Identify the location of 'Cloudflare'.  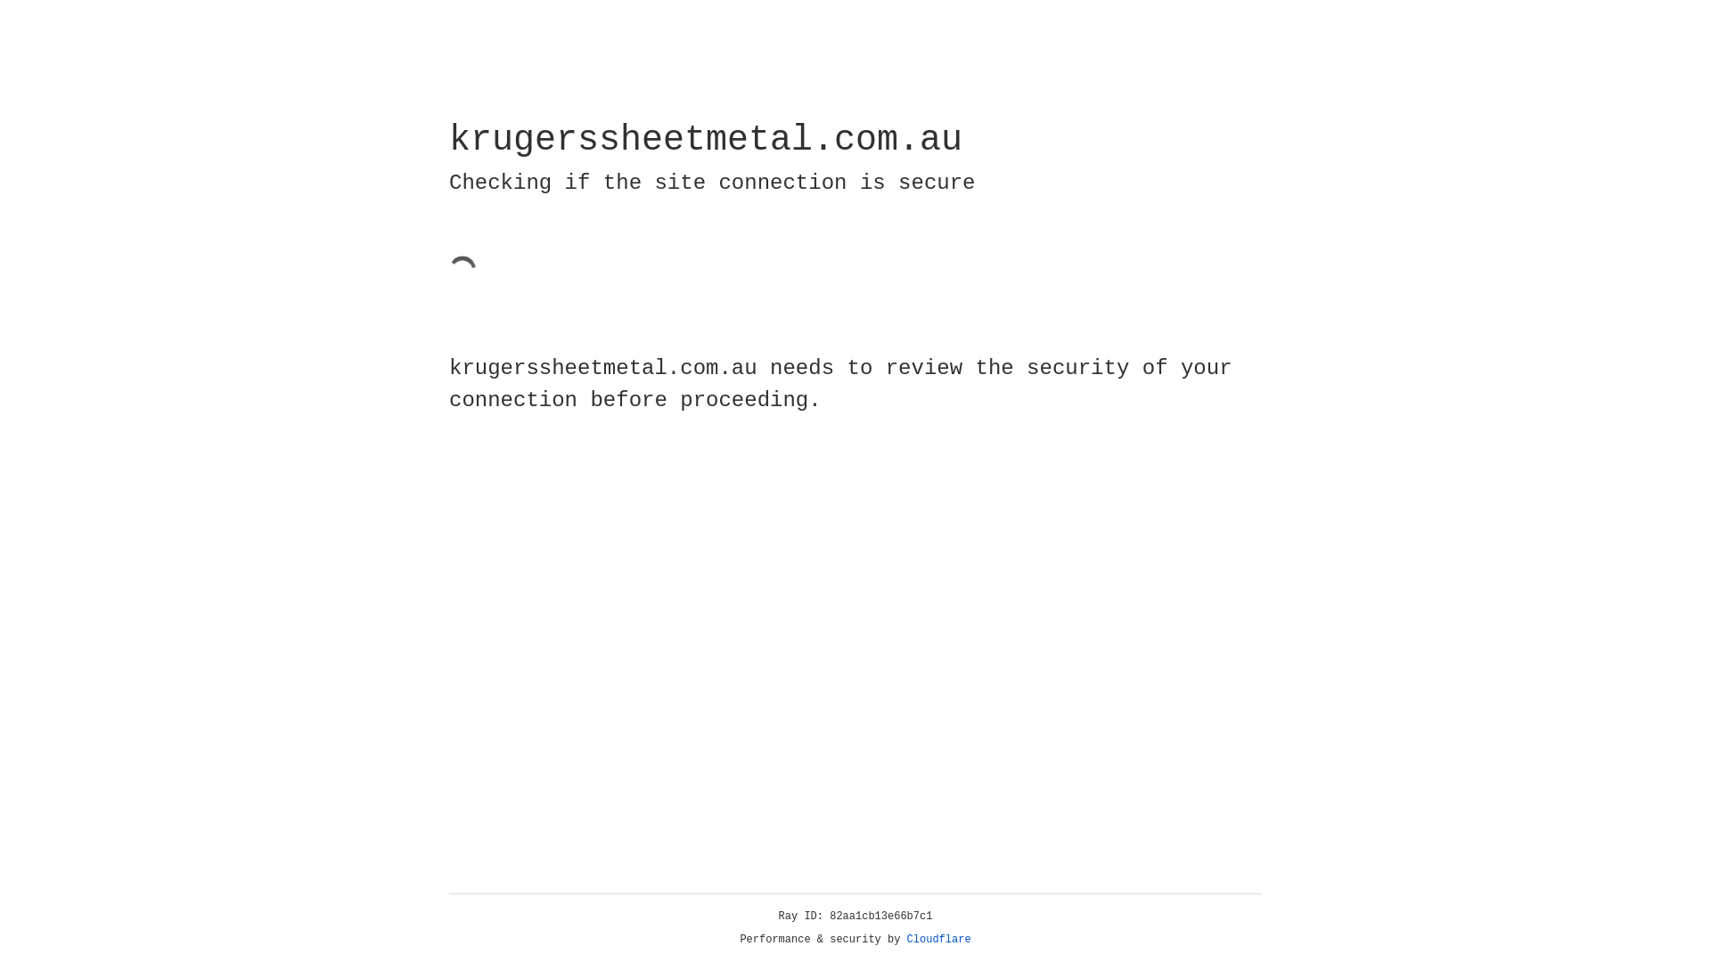
(938, 939).